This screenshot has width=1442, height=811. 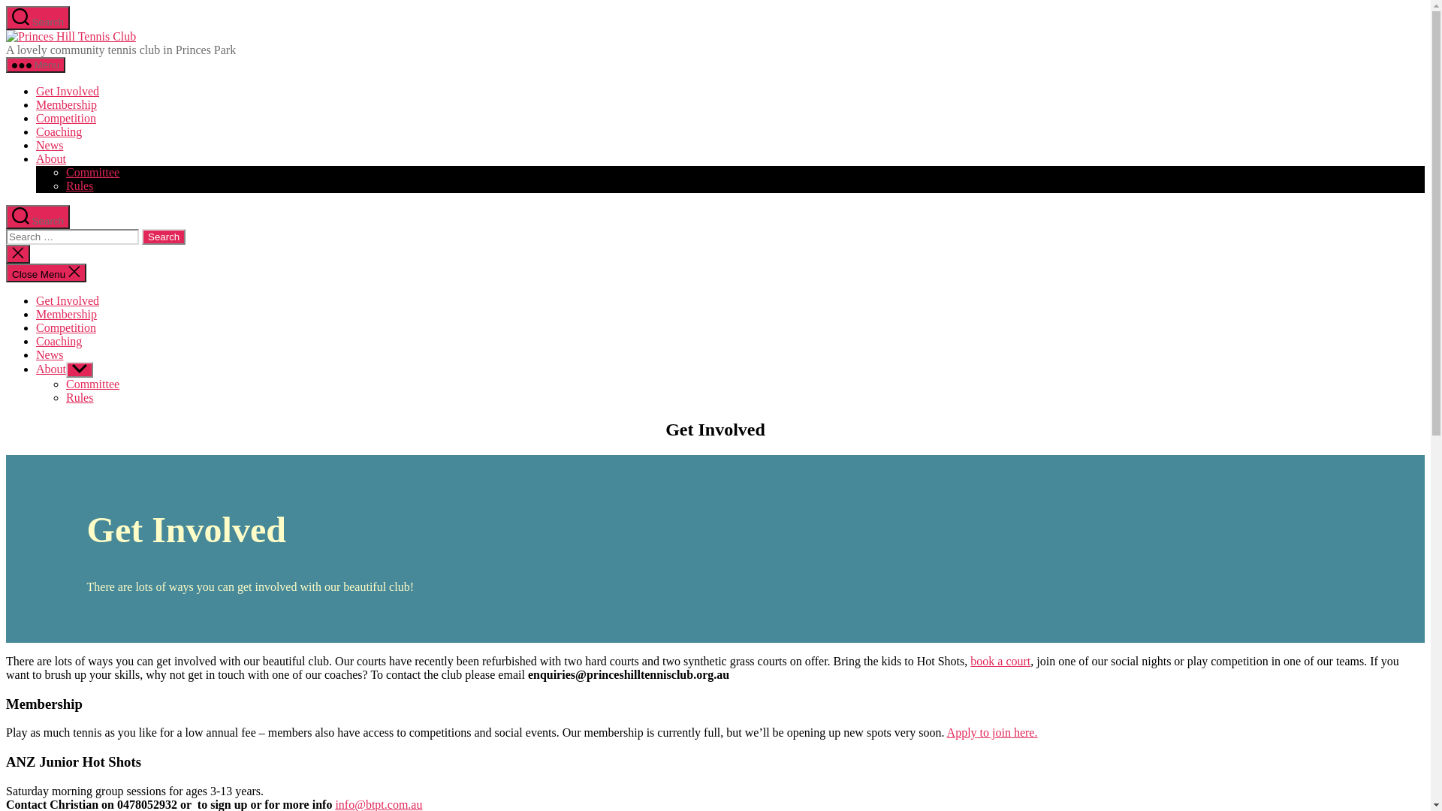 What do you see at coordinates (6, 217) in the screenshot?
I see `'Search'` at bounding box center [6, 217].